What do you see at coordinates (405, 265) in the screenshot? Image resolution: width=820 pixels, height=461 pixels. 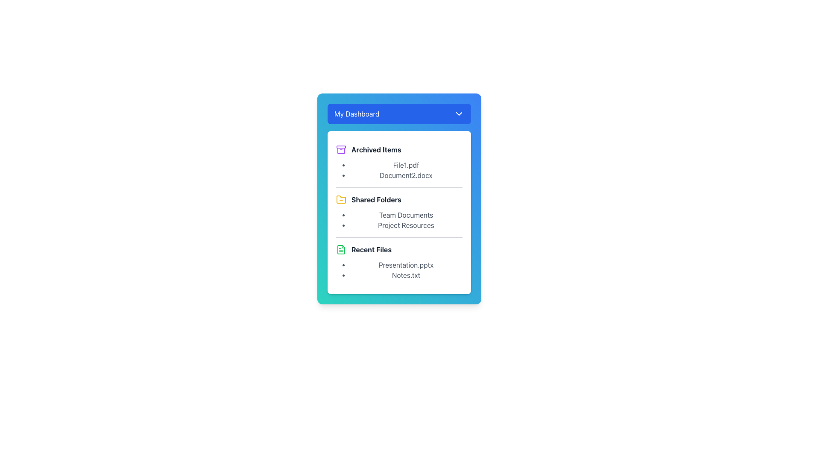 I see `the 'Presentation.pptx' text label in the 'Recent Files' section` at bounding box center [405, 265].